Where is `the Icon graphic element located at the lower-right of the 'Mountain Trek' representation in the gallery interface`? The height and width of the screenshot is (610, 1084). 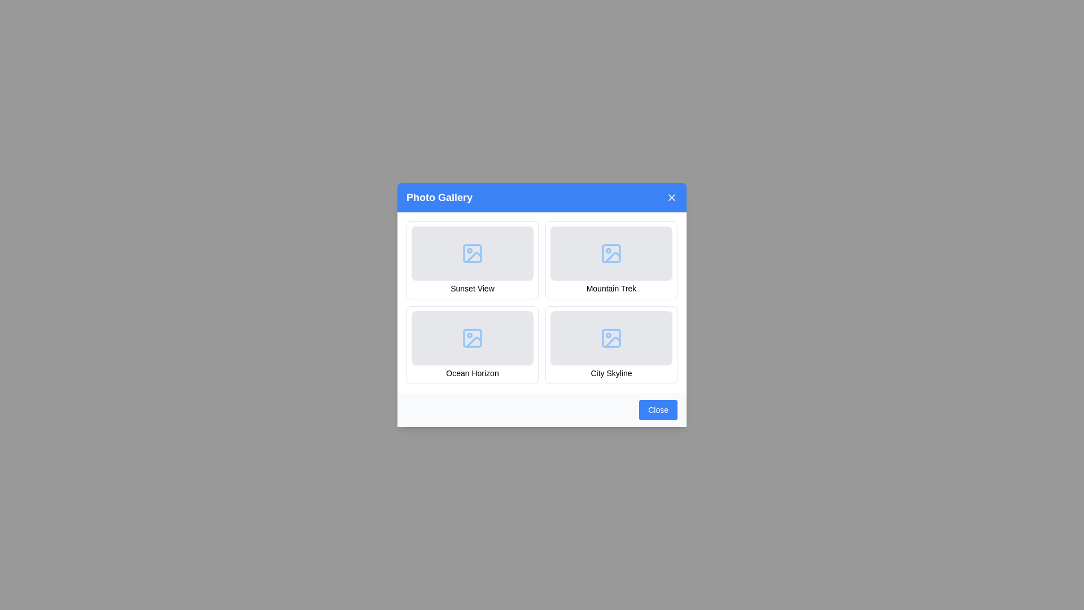 the Icon graphic element located at the lower-right of the 'Mountain Trek' representation in the gallery interface is located at coordinates (612, 257).